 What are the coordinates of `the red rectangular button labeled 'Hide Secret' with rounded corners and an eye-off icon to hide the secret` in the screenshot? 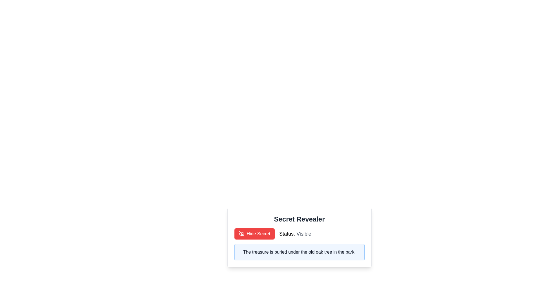 It's located at (254, 234).